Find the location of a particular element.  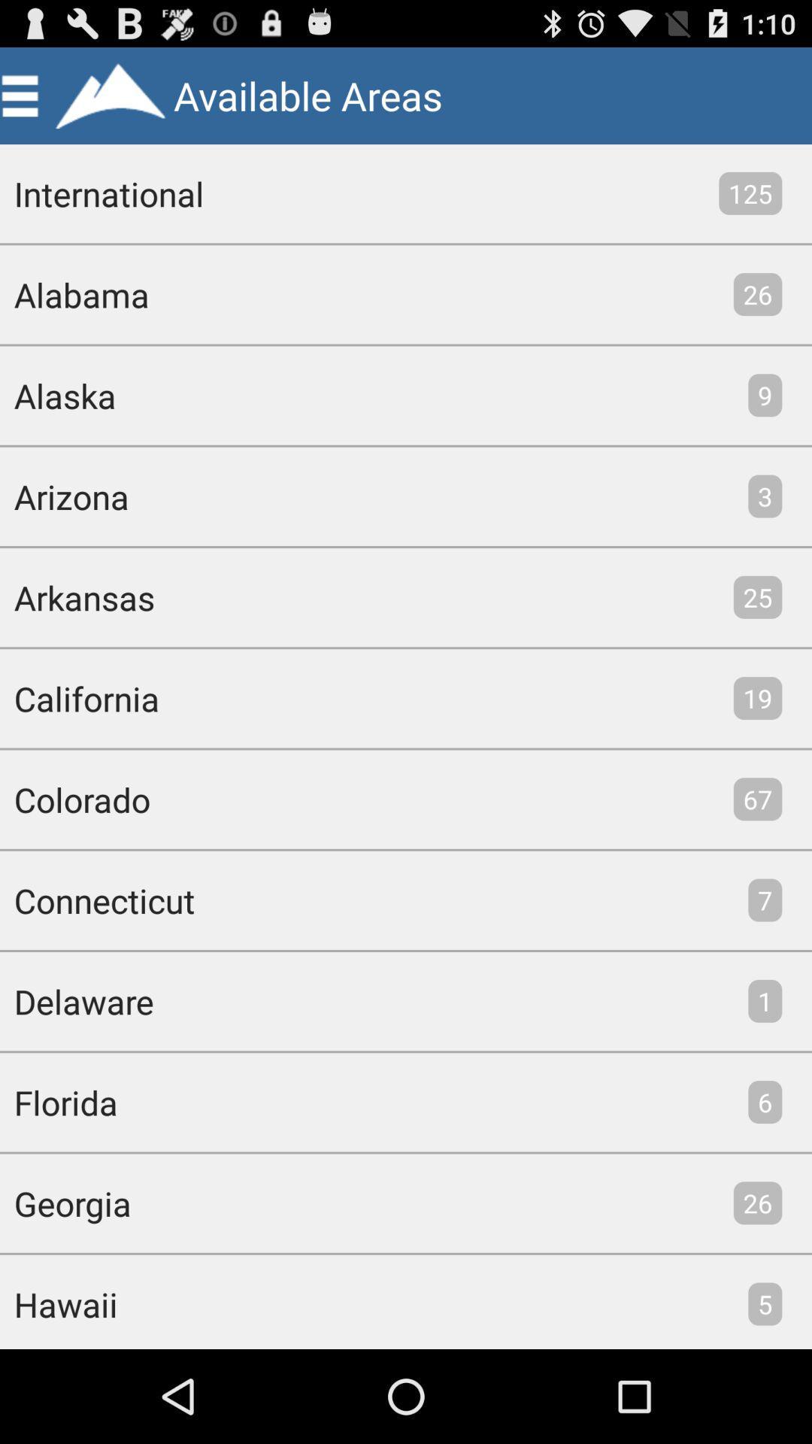

app below the 1 icon is located at coordinates (765, 1102).